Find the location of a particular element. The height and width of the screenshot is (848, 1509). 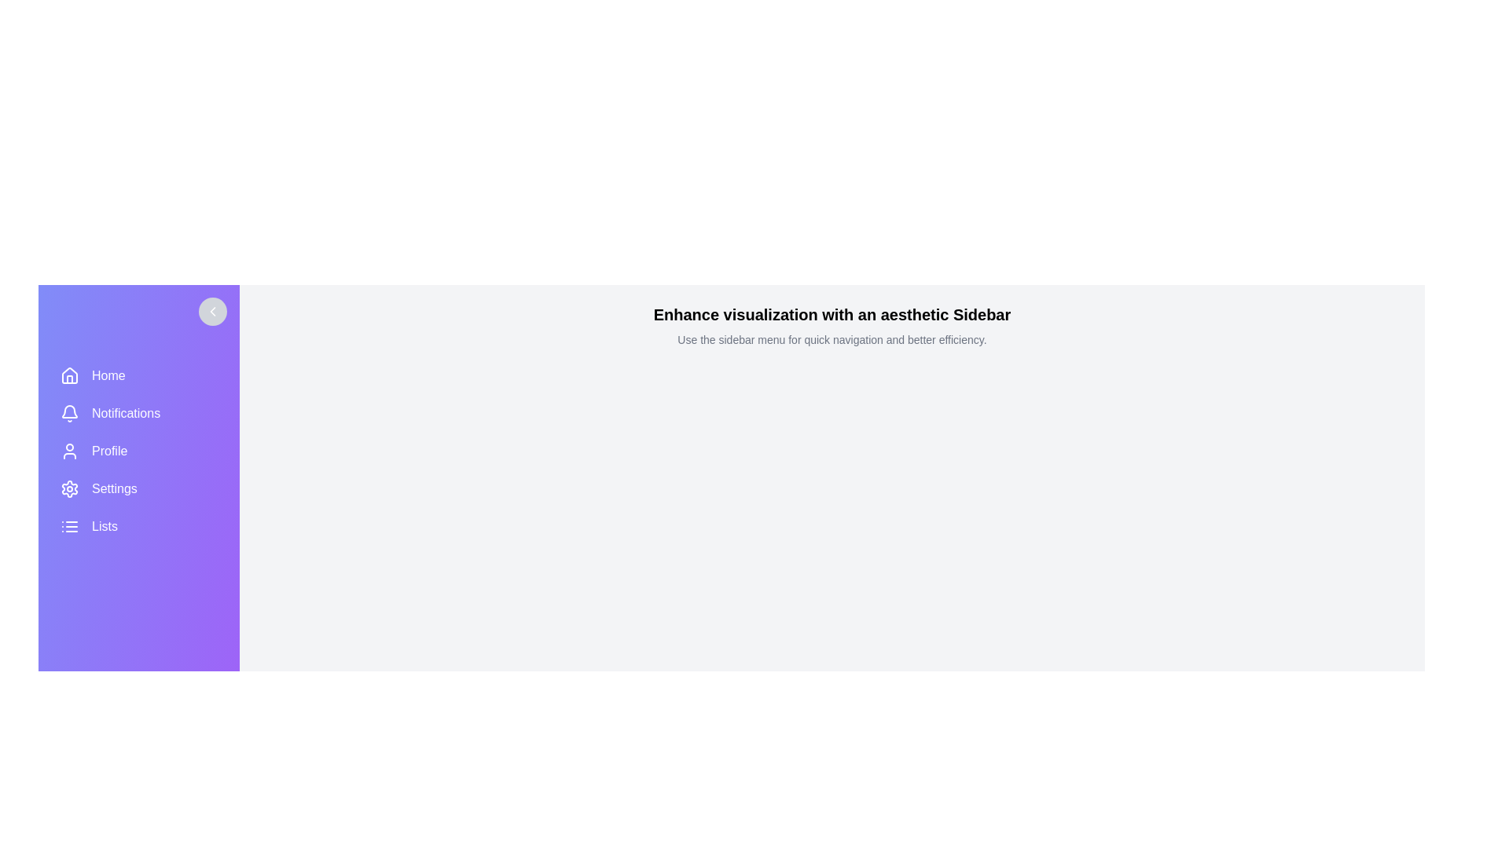

the menu item Home in the sidebar to navigate is located at coordinates (139, 375).